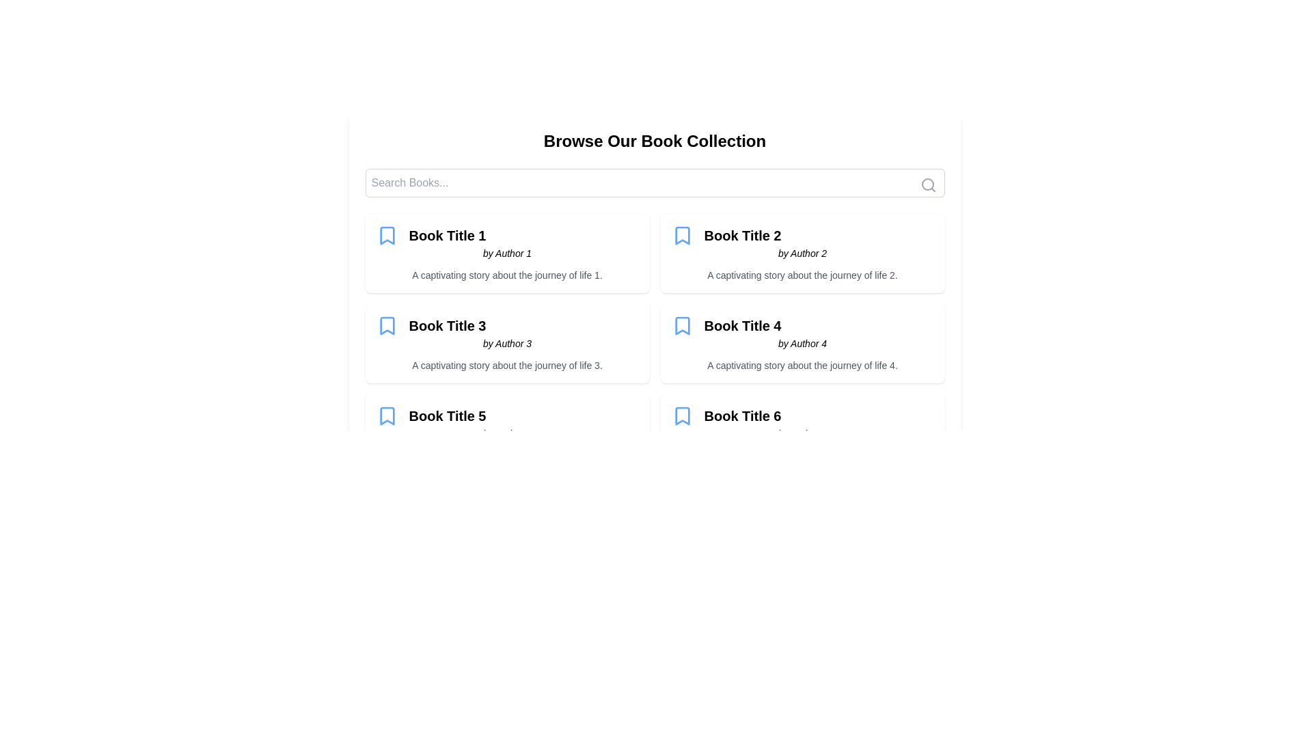  What do you see at coordinates (802, 342) in the screenshot?
I see `the text label reading 'by Author 4' which is styled in a small italic font, located below the 'Book Title 4' text within the fourth card of a two-column grid layout` at bounding box center [802, 342].